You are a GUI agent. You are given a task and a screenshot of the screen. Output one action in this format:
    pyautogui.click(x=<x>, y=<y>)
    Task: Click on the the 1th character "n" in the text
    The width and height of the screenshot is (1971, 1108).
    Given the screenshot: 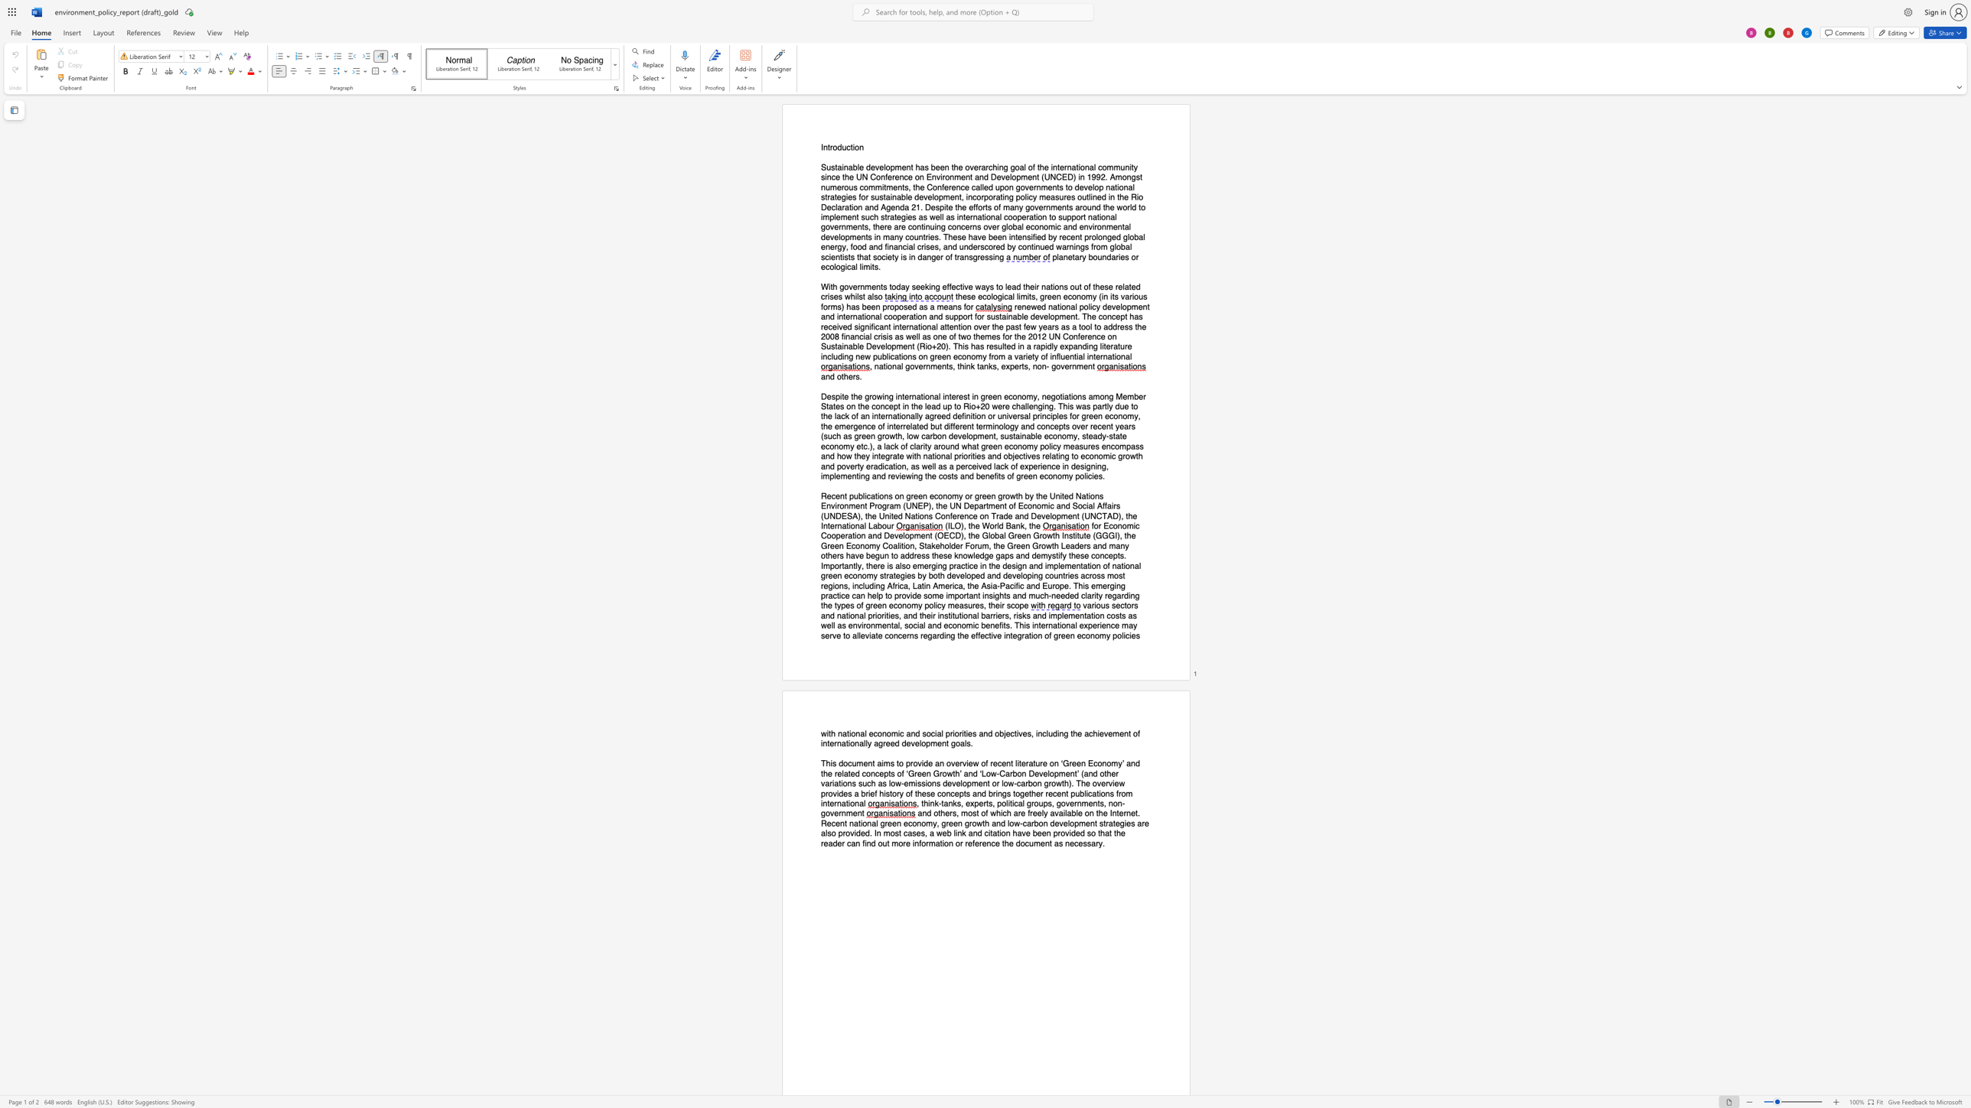 What is the action you would take?
    pyautogui.click(x=827, y=376)
    